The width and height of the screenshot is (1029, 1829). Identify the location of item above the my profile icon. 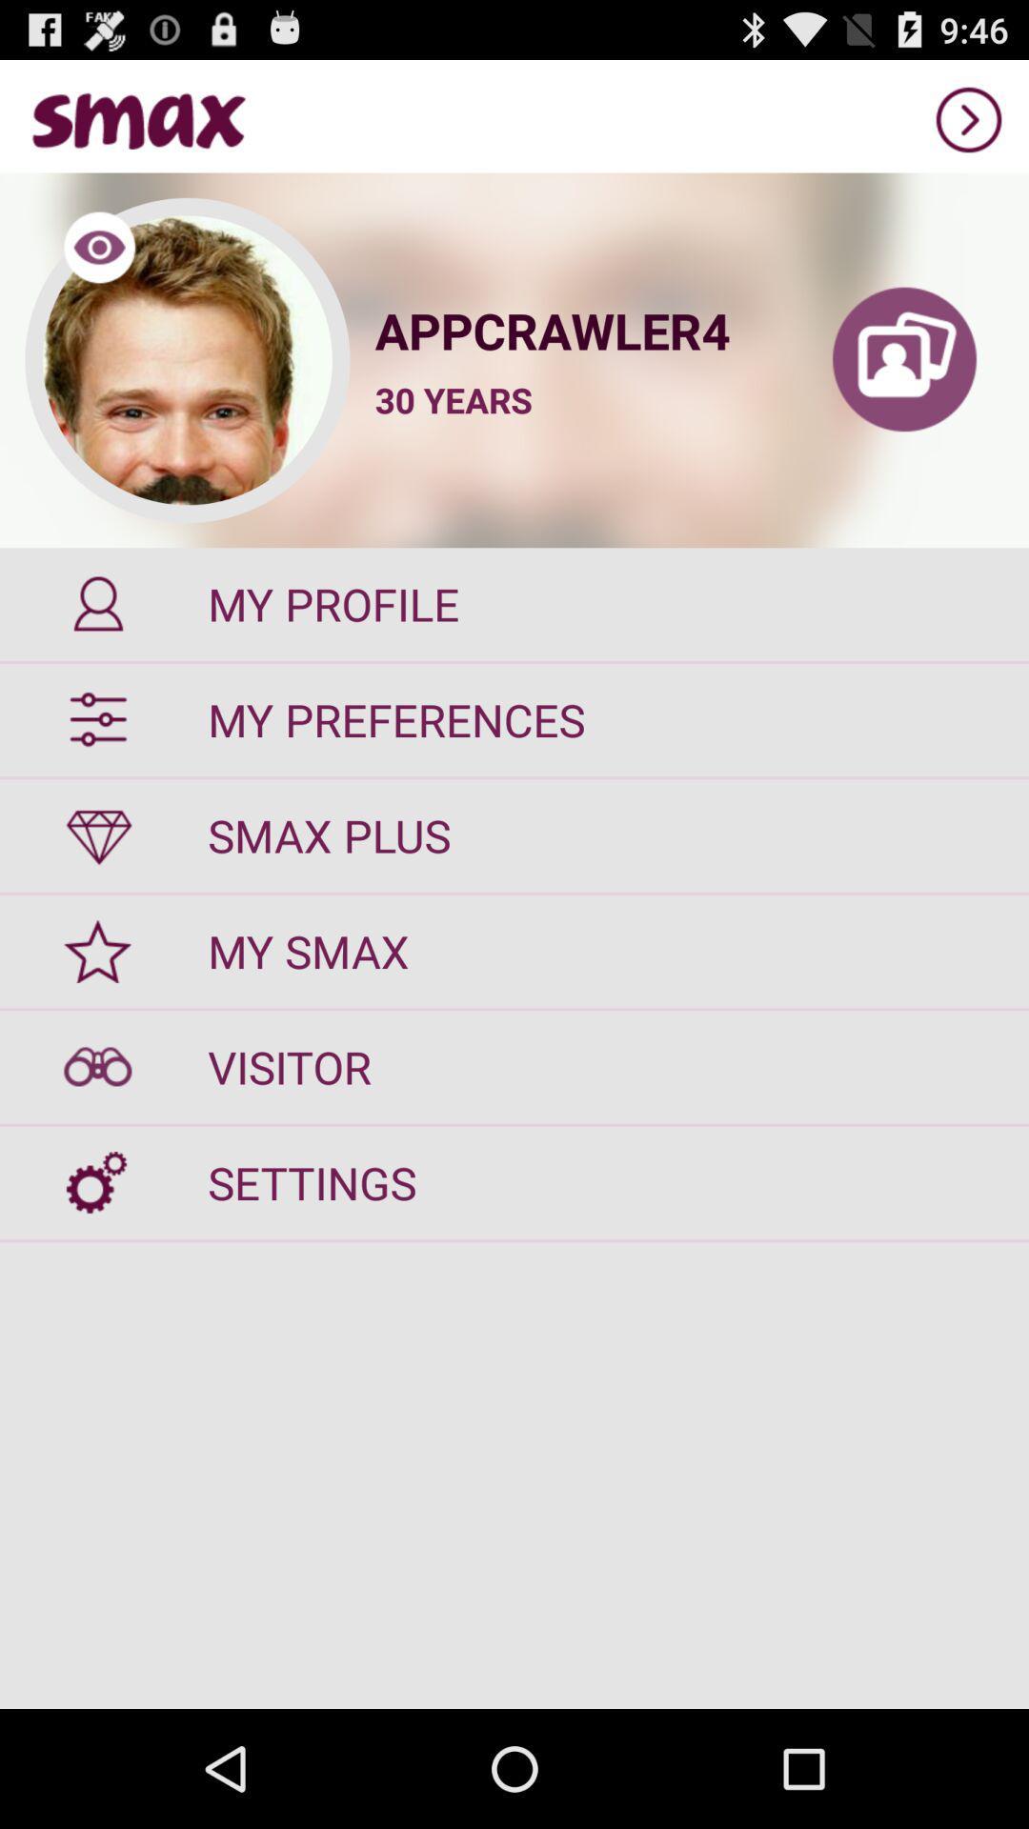
(454, 399).